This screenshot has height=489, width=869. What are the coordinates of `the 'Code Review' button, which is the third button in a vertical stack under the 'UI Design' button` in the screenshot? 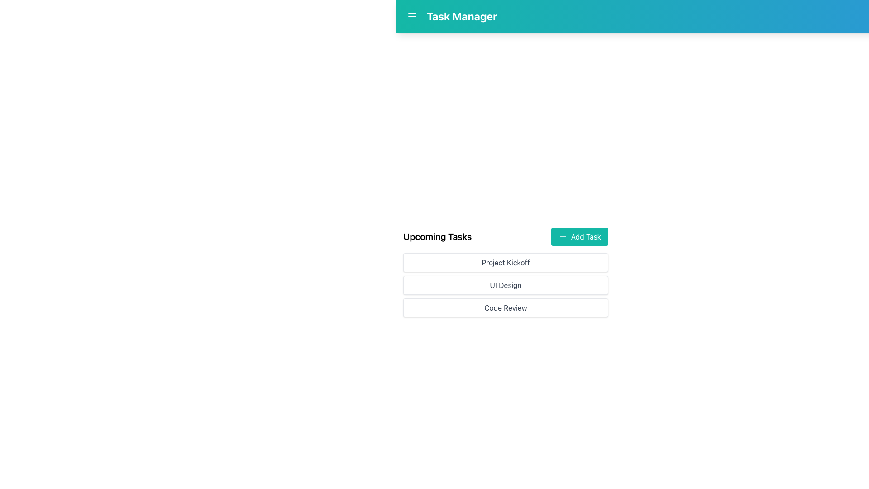 It's located at (505, 307).